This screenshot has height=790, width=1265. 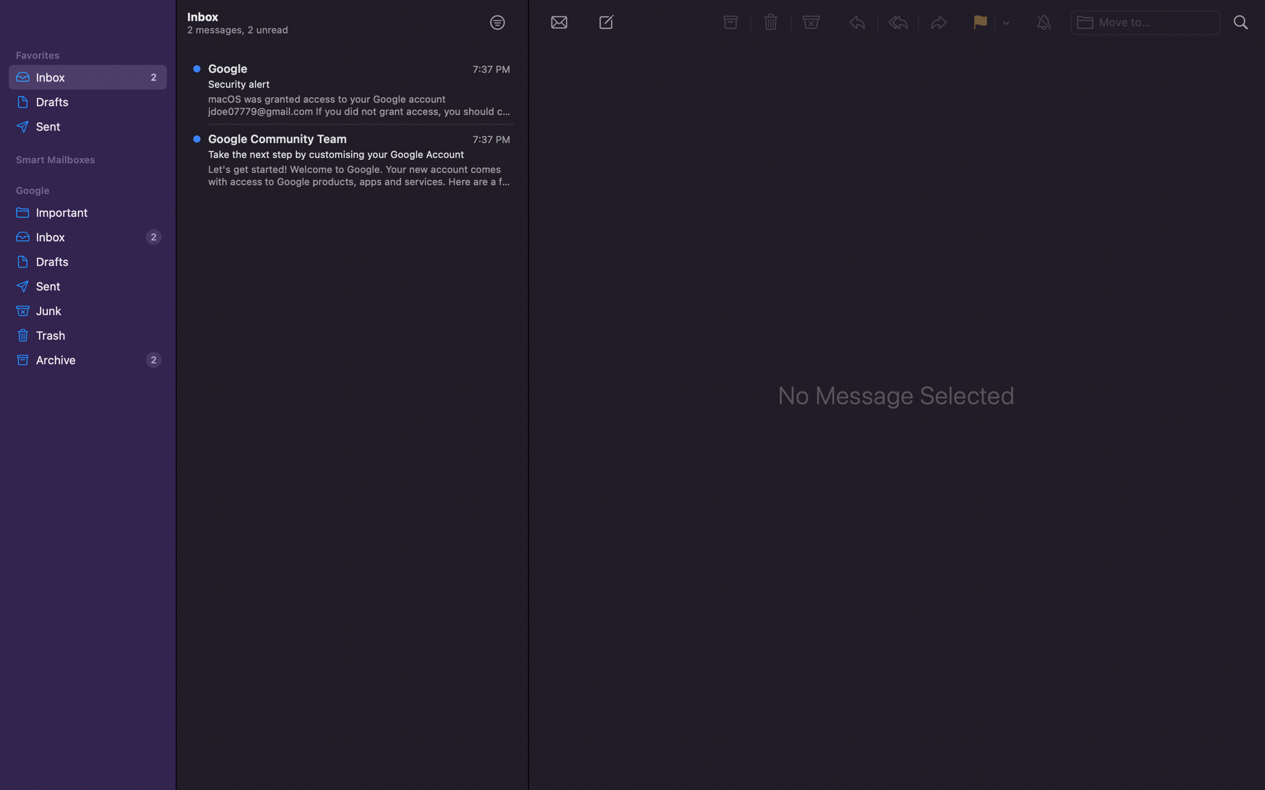 I want to click on Relocate the chosen email into the junk folder, so click(x=813, y=21).